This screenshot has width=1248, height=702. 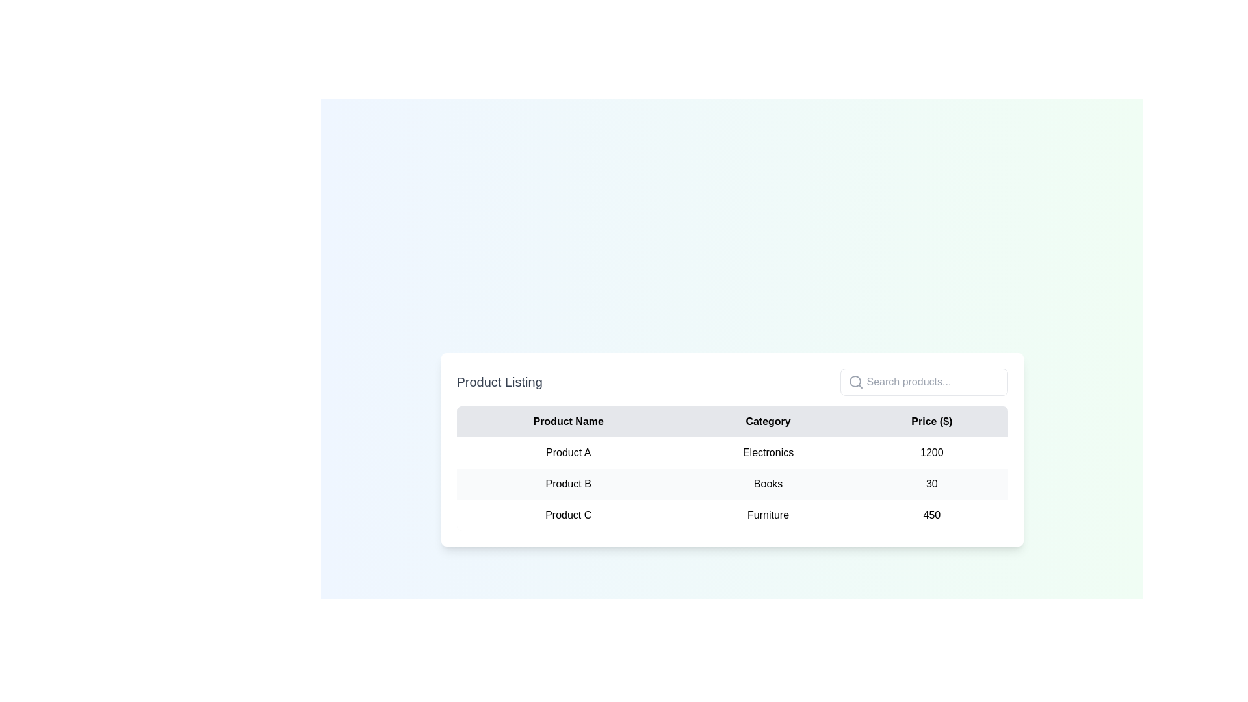 What do you see at coordinates (768, 452) in the screenshot?
I see `the text label in the middle column of the table, located in the second row under the 'Category' header` at bounding box center [768, 452].